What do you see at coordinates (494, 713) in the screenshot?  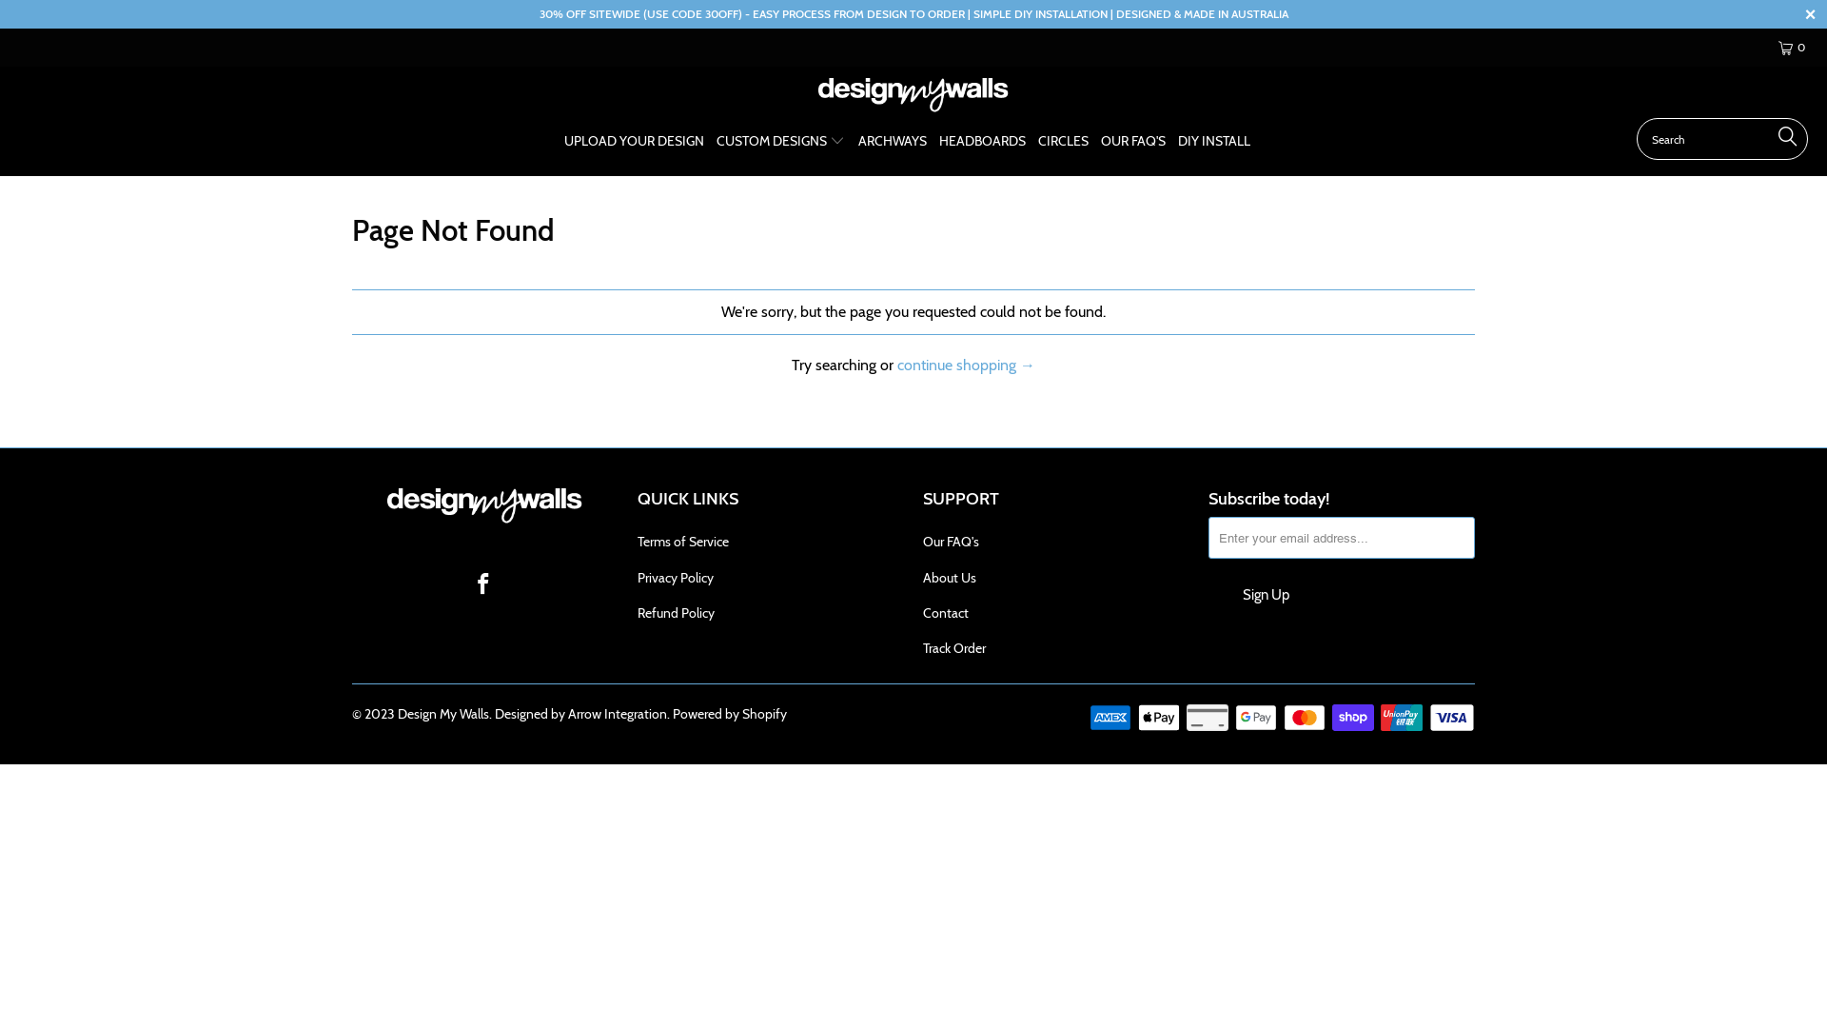 I see `'Designed by Arrow Integration'` at bounding box center [494, 713].